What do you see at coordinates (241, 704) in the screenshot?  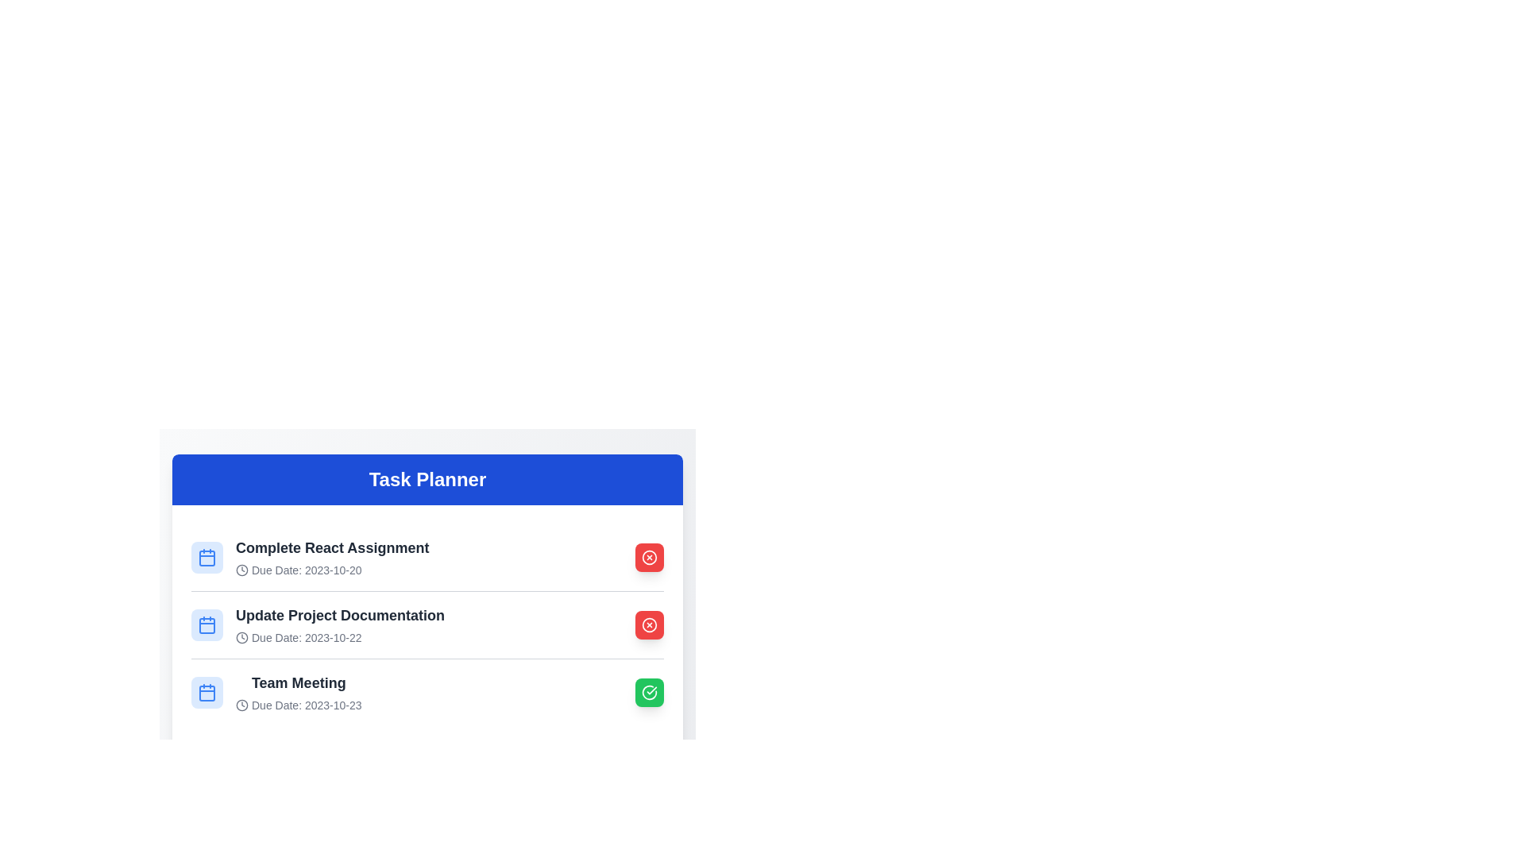 I see `the small clock icon preceding the text 'Due Date: 2023-10-23' in the 'Team Meeting' row` at bounding box center [241, 704].